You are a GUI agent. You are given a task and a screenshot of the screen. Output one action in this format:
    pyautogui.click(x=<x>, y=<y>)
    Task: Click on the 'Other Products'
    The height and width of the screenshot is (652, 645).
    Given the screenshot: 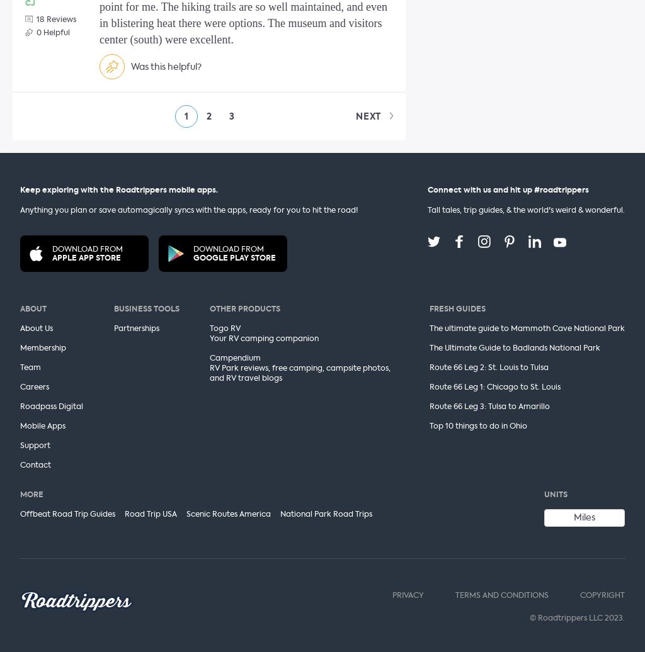 What is the action you would take?
    pyautogui.click(x=244, y=308)
    